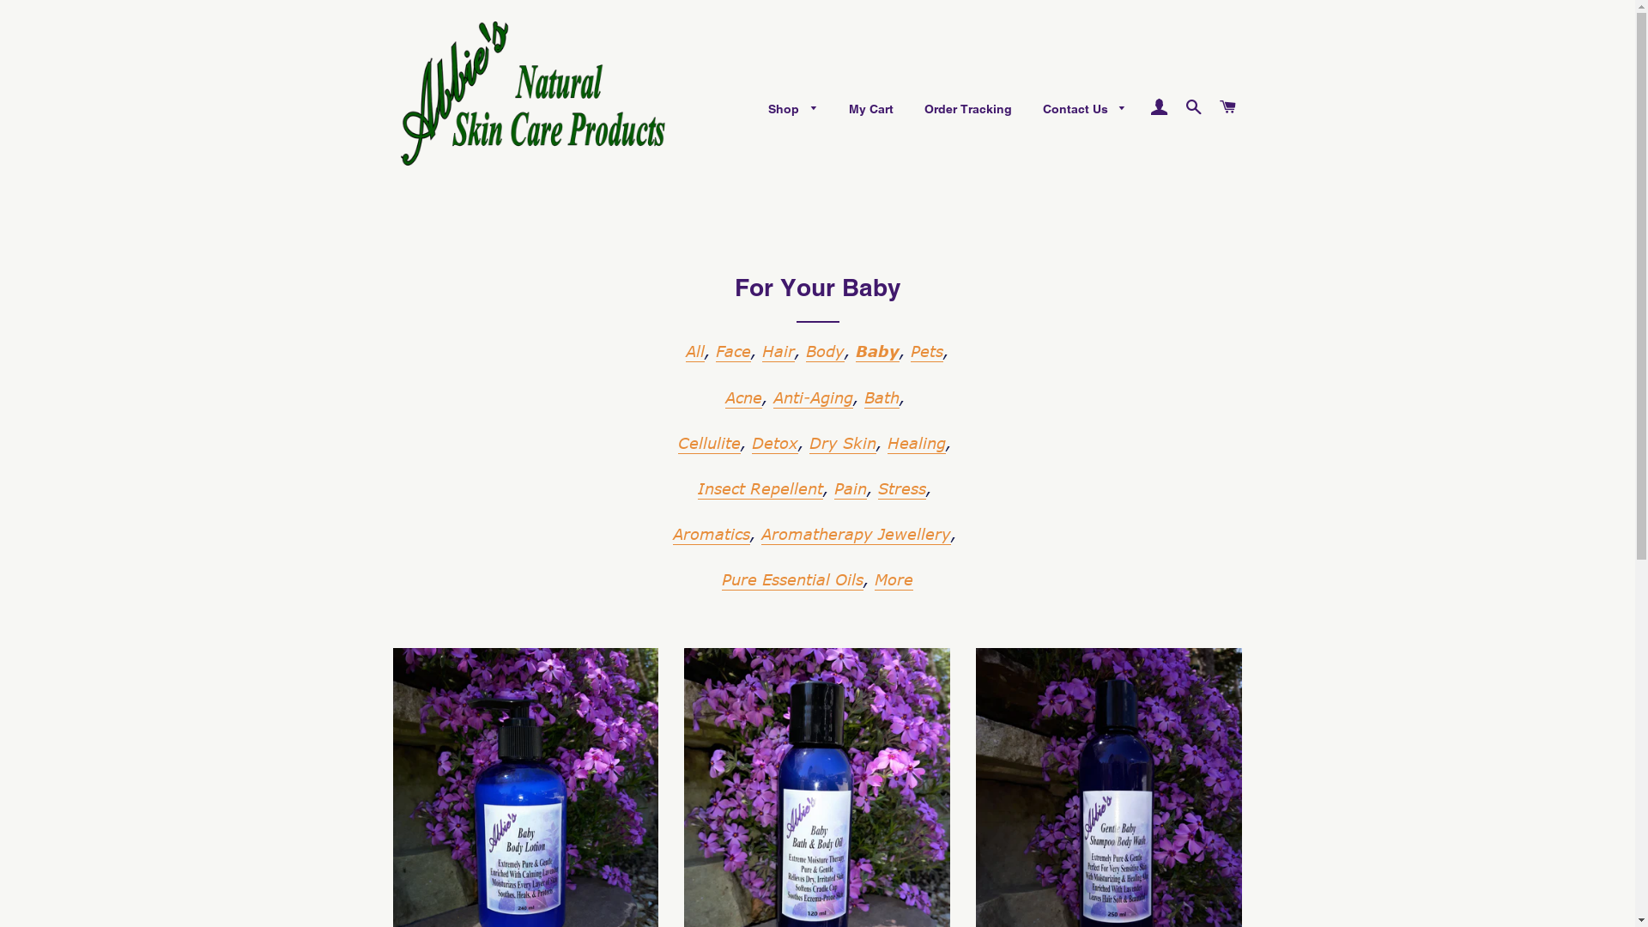 The width and height of the screenshot is (1648, 927). Describe the element at coordinates (811, 397) in the screenshot. I see `'Anti-Aging'` at that location.